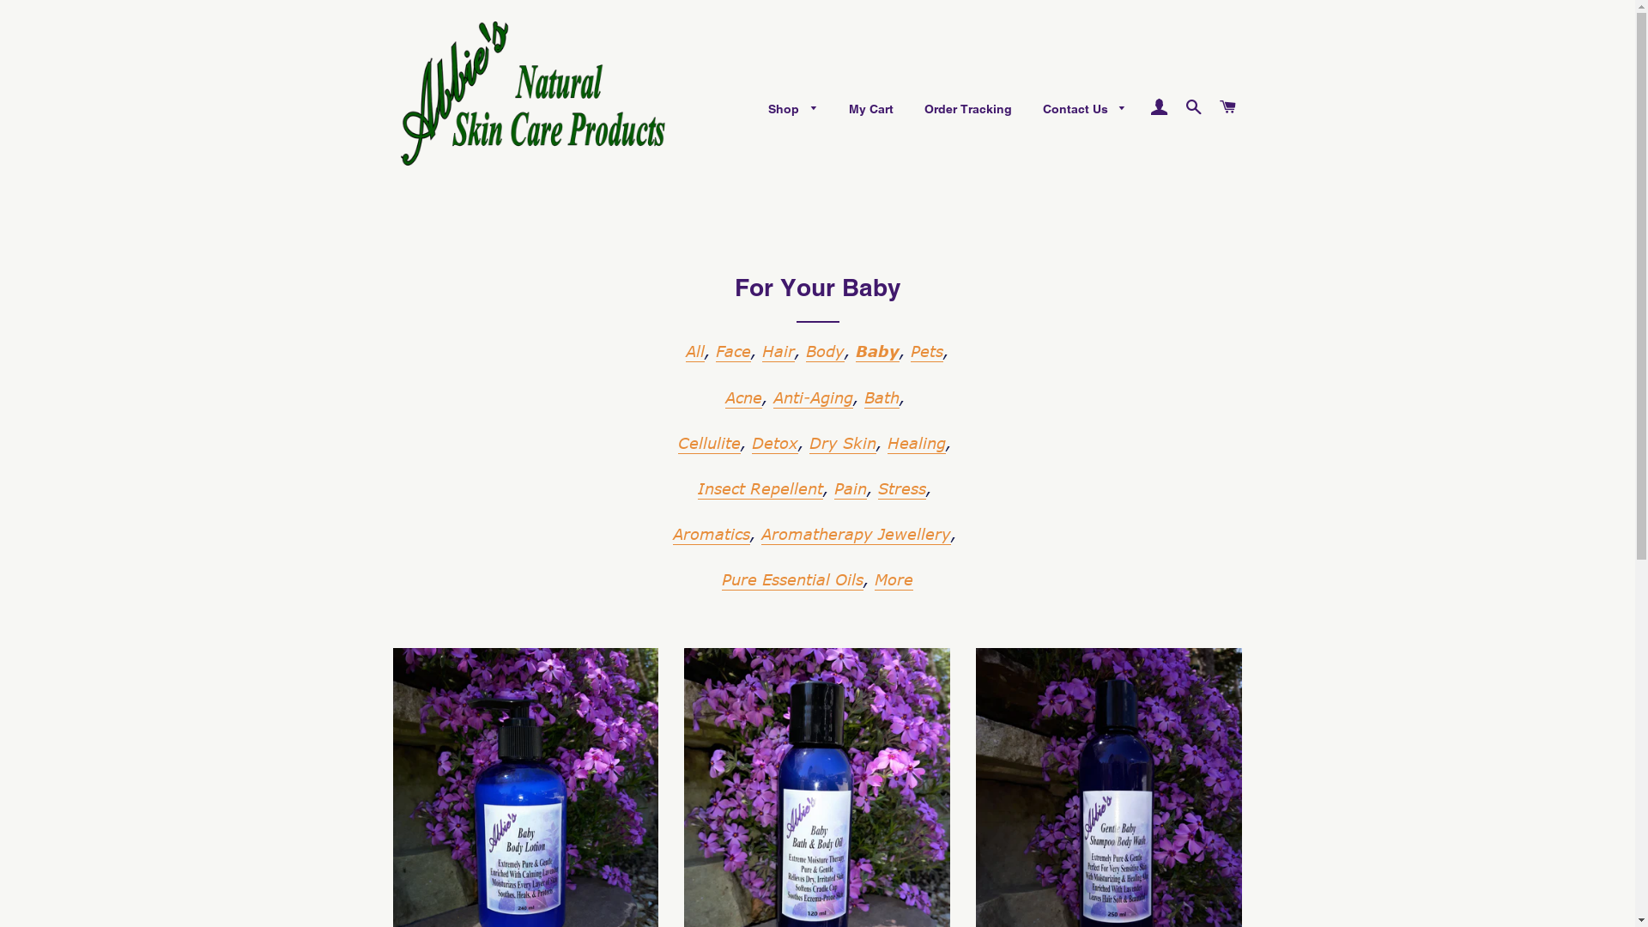 The width and height of the screenshot is (1648, 927). Describe the element at coordinates (811, 397) in the screenshot. I see `'Anti-Aging'` at that location.